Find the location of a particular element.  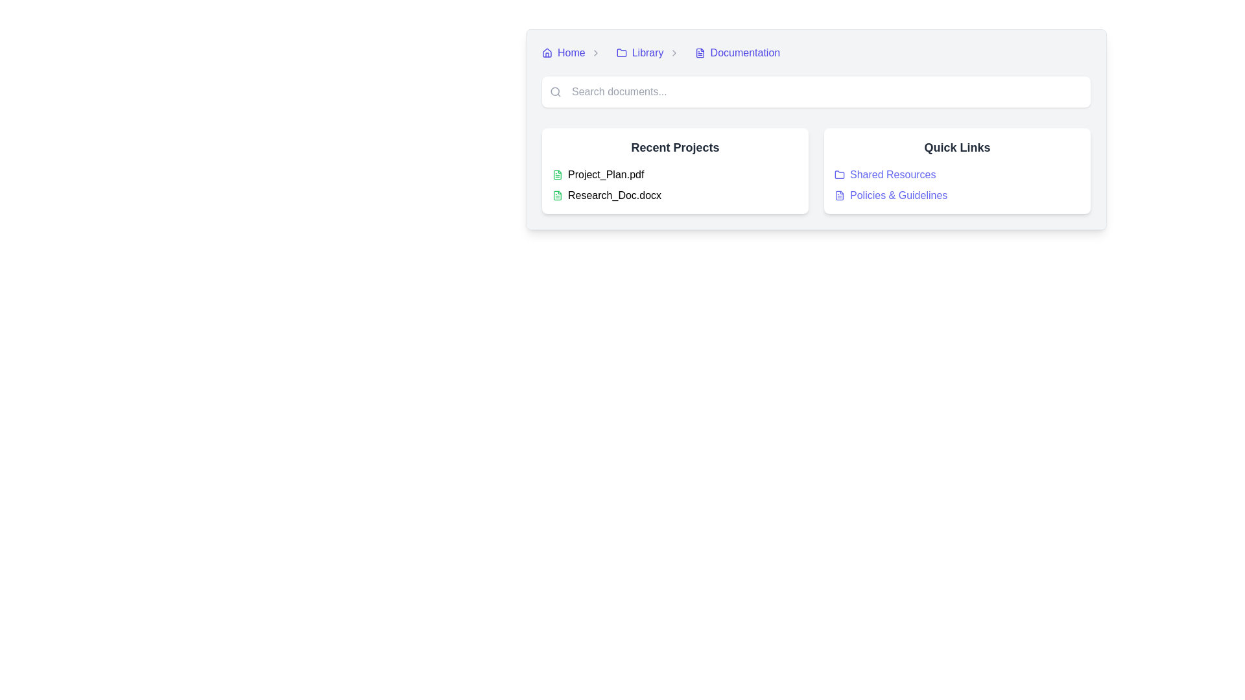

the green file document icon located to the left of the text 'Research_Doc.docx' in the 'Recent Projects' section is located at coordinates (557, 195).